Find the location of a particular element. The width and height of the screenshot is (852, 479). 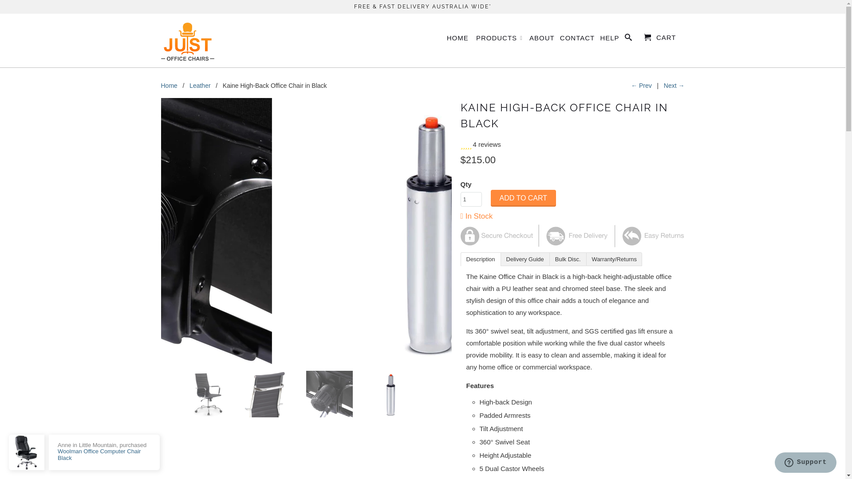

'Home' is located at coordinates (169, 85).